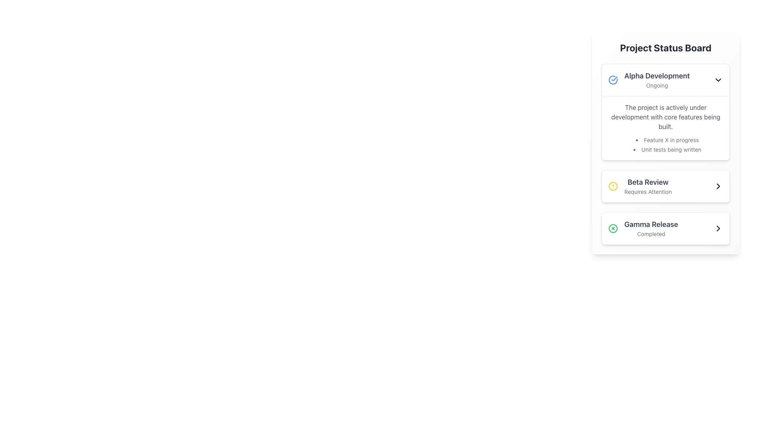 The image size is (765, 430). I want to click on the status label for the 'Gamma Release' project, located underneath the 'Gamma Release' text in the 'Project Status Board', so click(651, 233).